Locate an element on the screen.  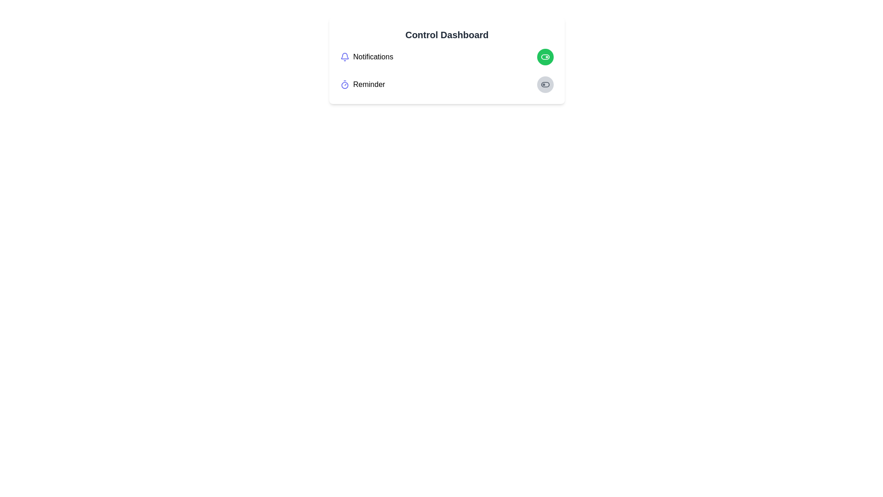
the toggle switch in the first row of the notification control to change its state is located at coordinates (447, 57).